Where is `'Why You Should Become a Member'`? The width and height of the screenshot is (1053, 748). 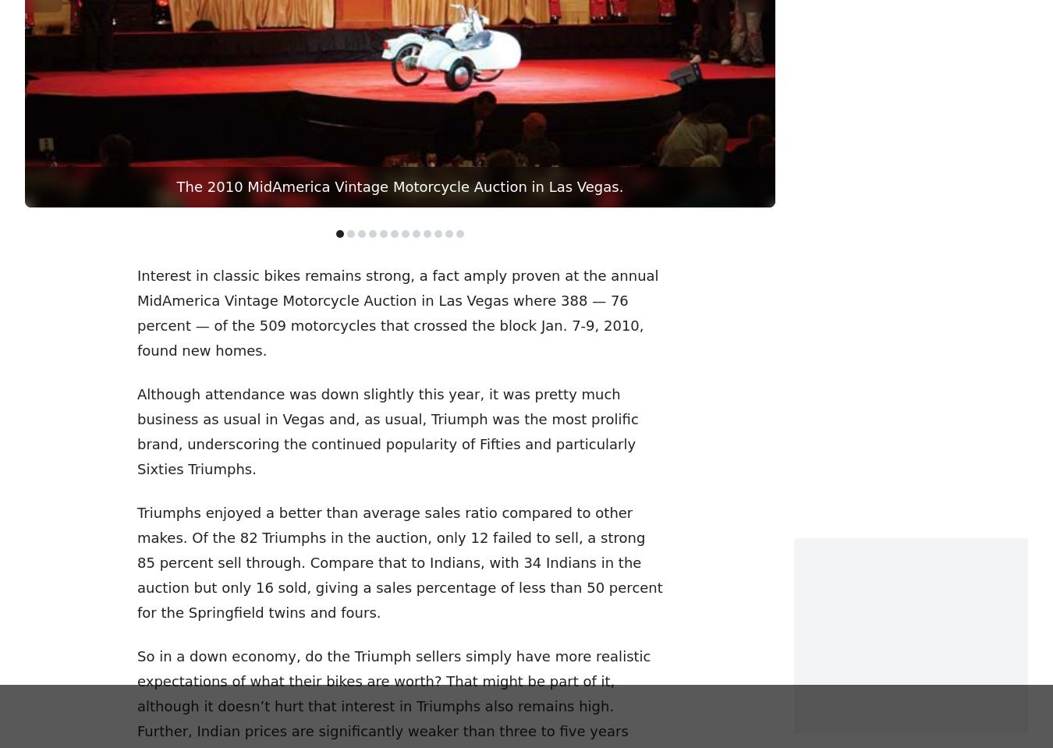
'Why You Should Become a Member' is located at coordinates (23, 366).